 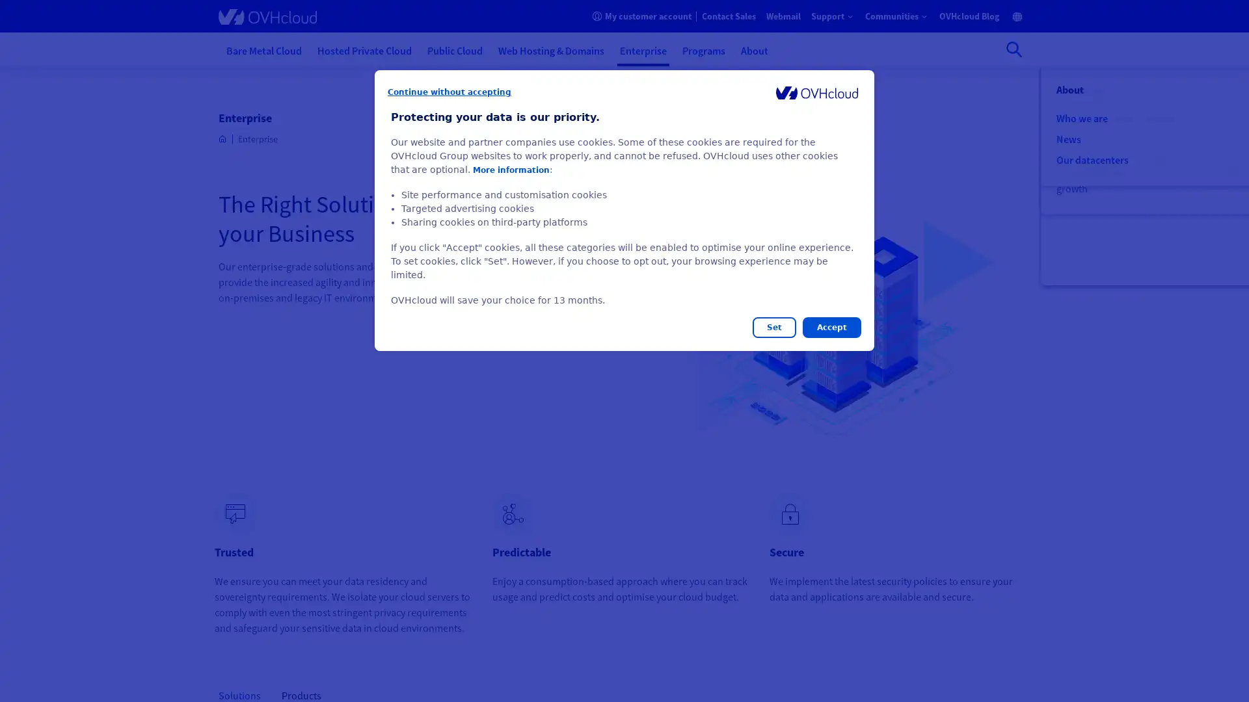 What do you see at coordinates (774, 327) in the screenshot?
I see `Set` at bounding box center [774, 327].